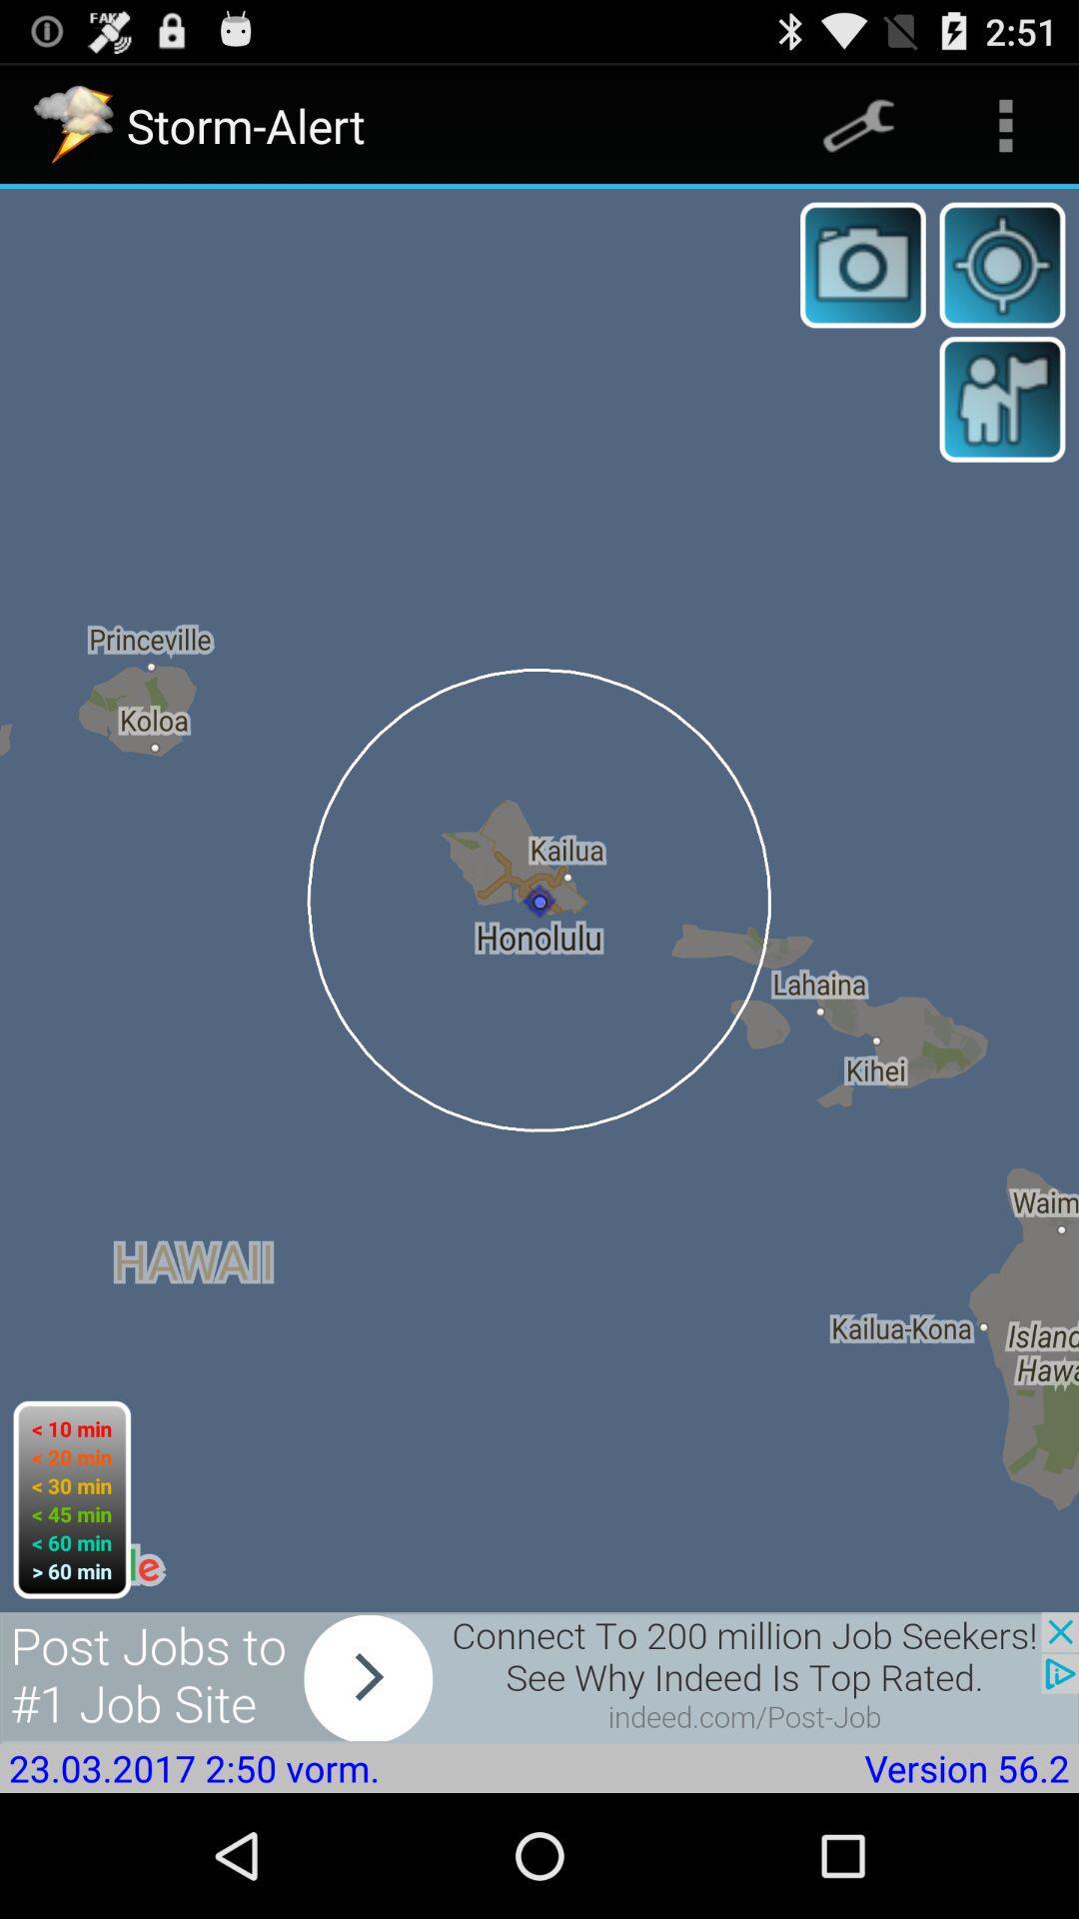 The image size is (1079, 1919). Describe the element at coordinates (539, 1677) in the screenshot. I see `goes to advertisement` at that location.